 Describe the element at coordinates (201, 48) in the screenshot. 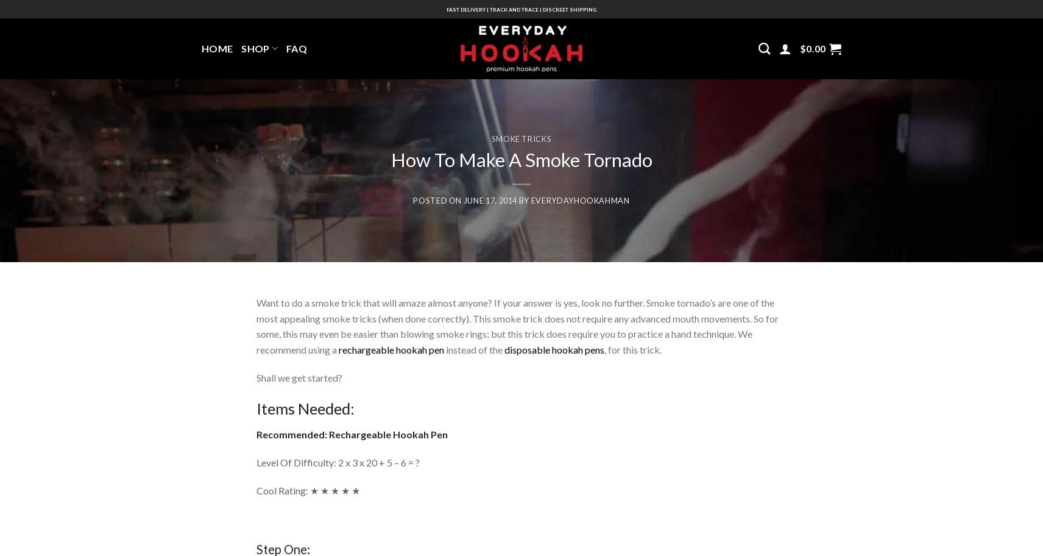

I see `'Home'` at that location.